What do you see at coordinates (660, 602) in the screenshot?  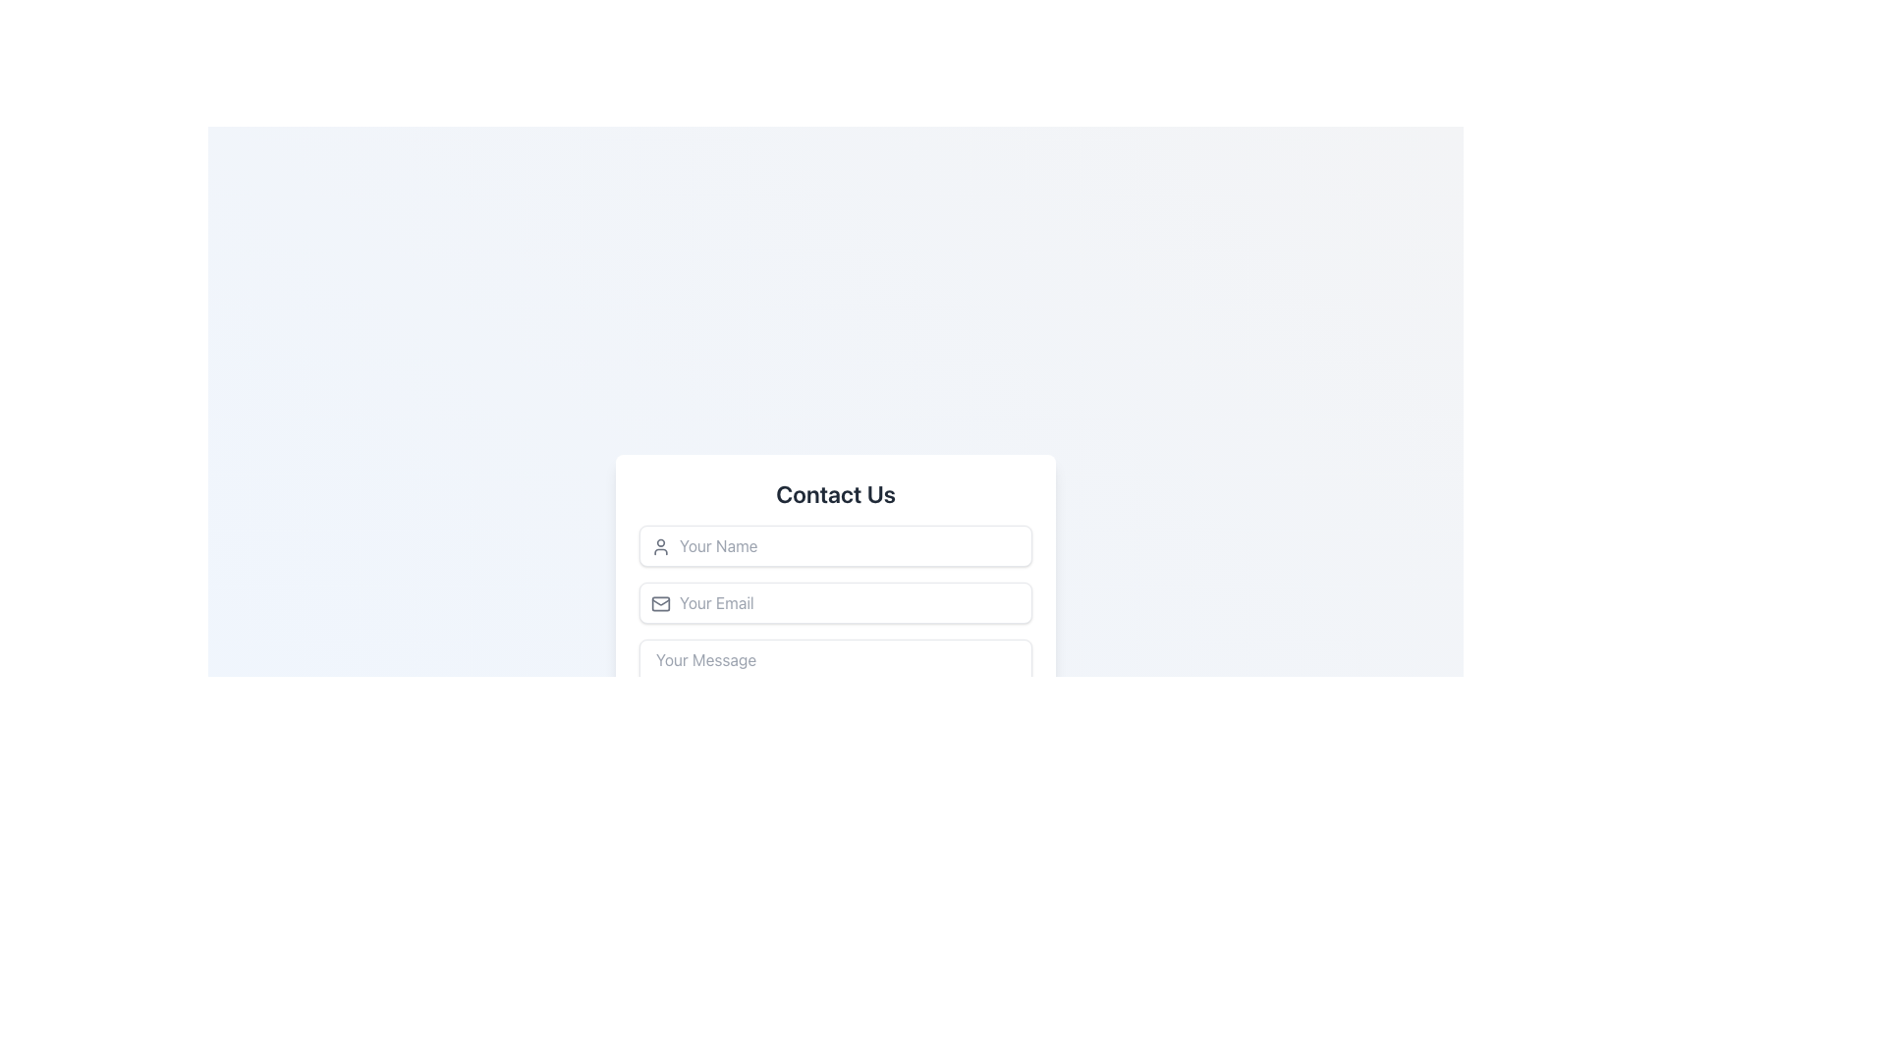 I see `the rounded rectangular SVG element that forms the base of the envelope icon, located to the left of the email input field in the contact form` at bounding box center [660, 602].